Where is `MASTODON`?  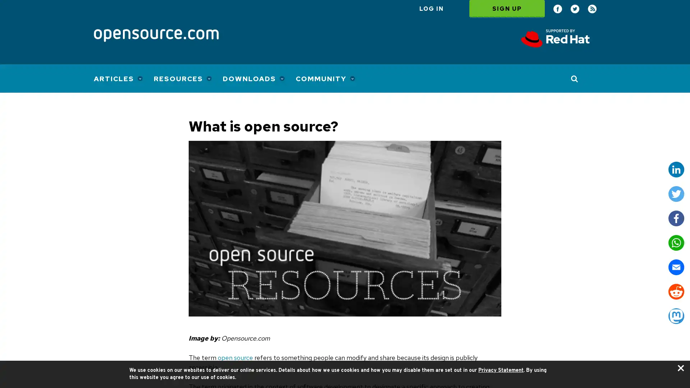
MASTODON is located at coordinates (676, 315).